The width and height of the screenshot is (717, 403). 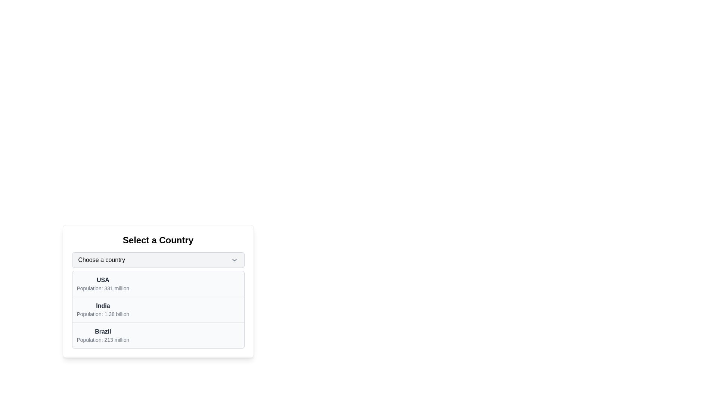 I want to click on the dropdown menu icon located to the right of the 'Choose a country' field, so click(x=234, y=260).